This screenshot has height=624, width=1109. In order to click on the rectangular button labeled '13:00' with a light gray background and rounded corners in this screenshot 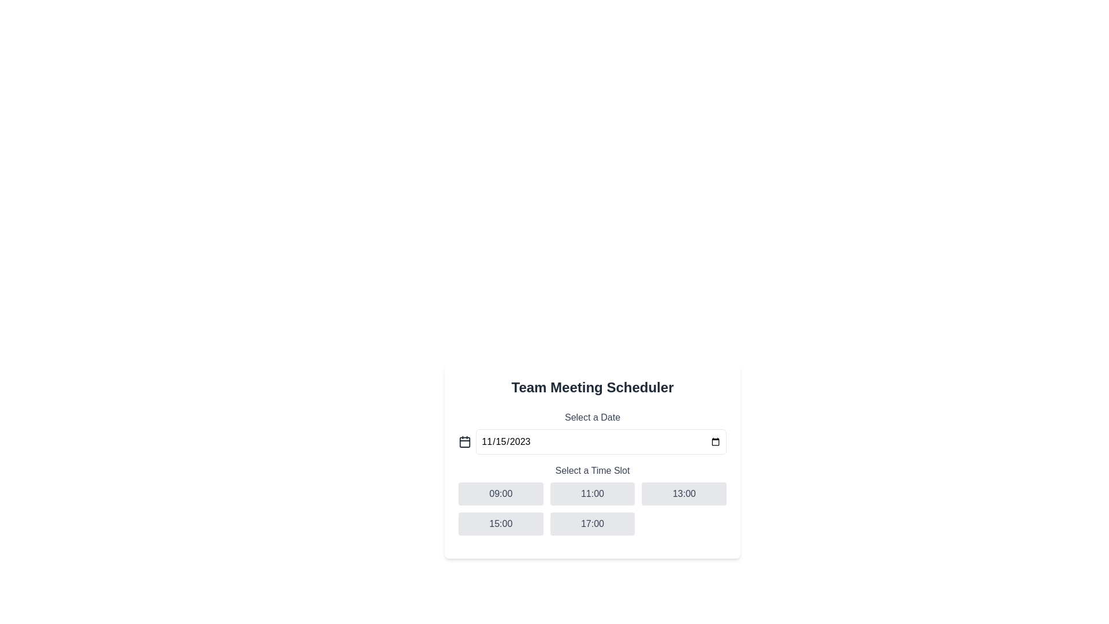, I will do `click(684, 494)`.